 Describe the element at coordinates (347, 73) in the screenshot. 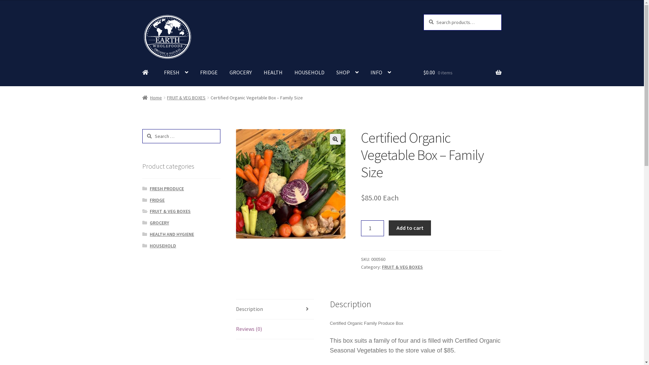

I see `'SHOP'` at that location.